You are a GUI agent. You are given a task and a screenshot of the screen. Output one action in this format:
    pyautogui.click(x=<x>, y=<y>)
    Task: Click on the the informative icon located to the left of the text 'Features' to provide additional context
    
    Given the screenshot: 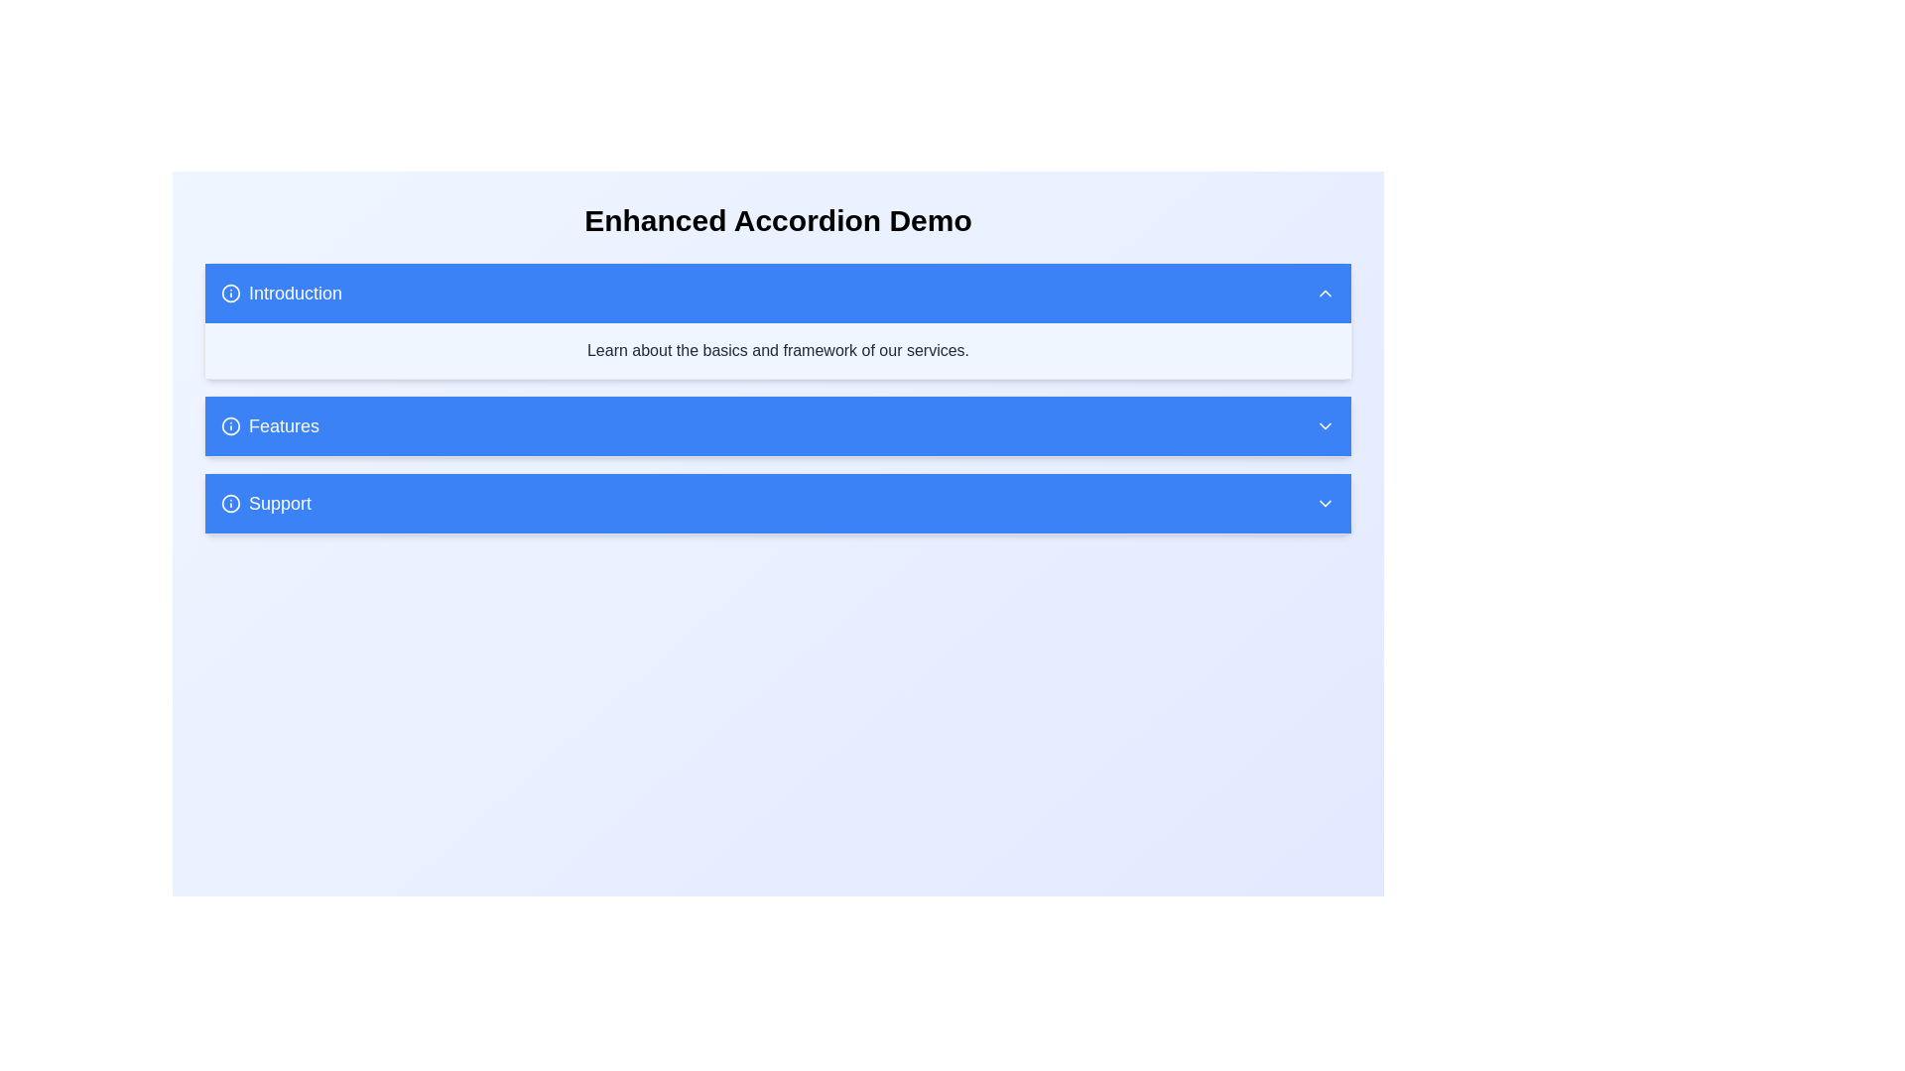 What is the action you would take?
    pyautogui.click(x=231, y=424)
    